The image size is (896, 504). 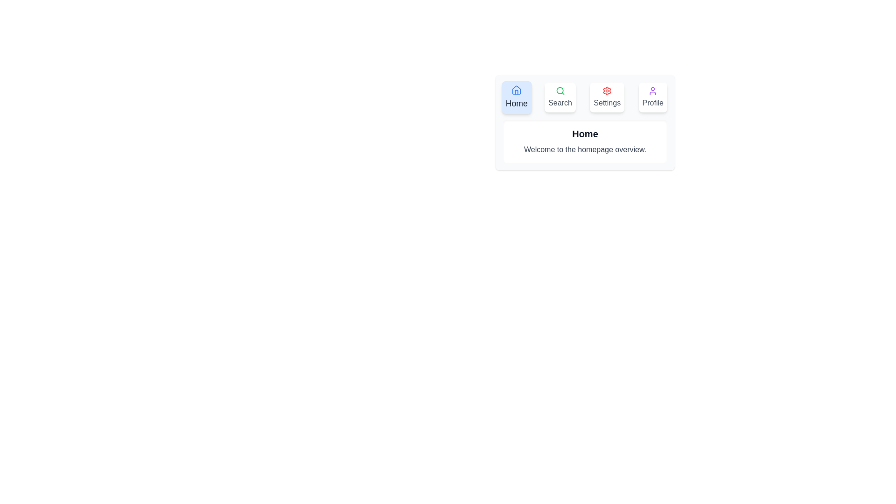 I want to click on the tab labeled Profile to observe its hover effect, so click(x=652, y=97).